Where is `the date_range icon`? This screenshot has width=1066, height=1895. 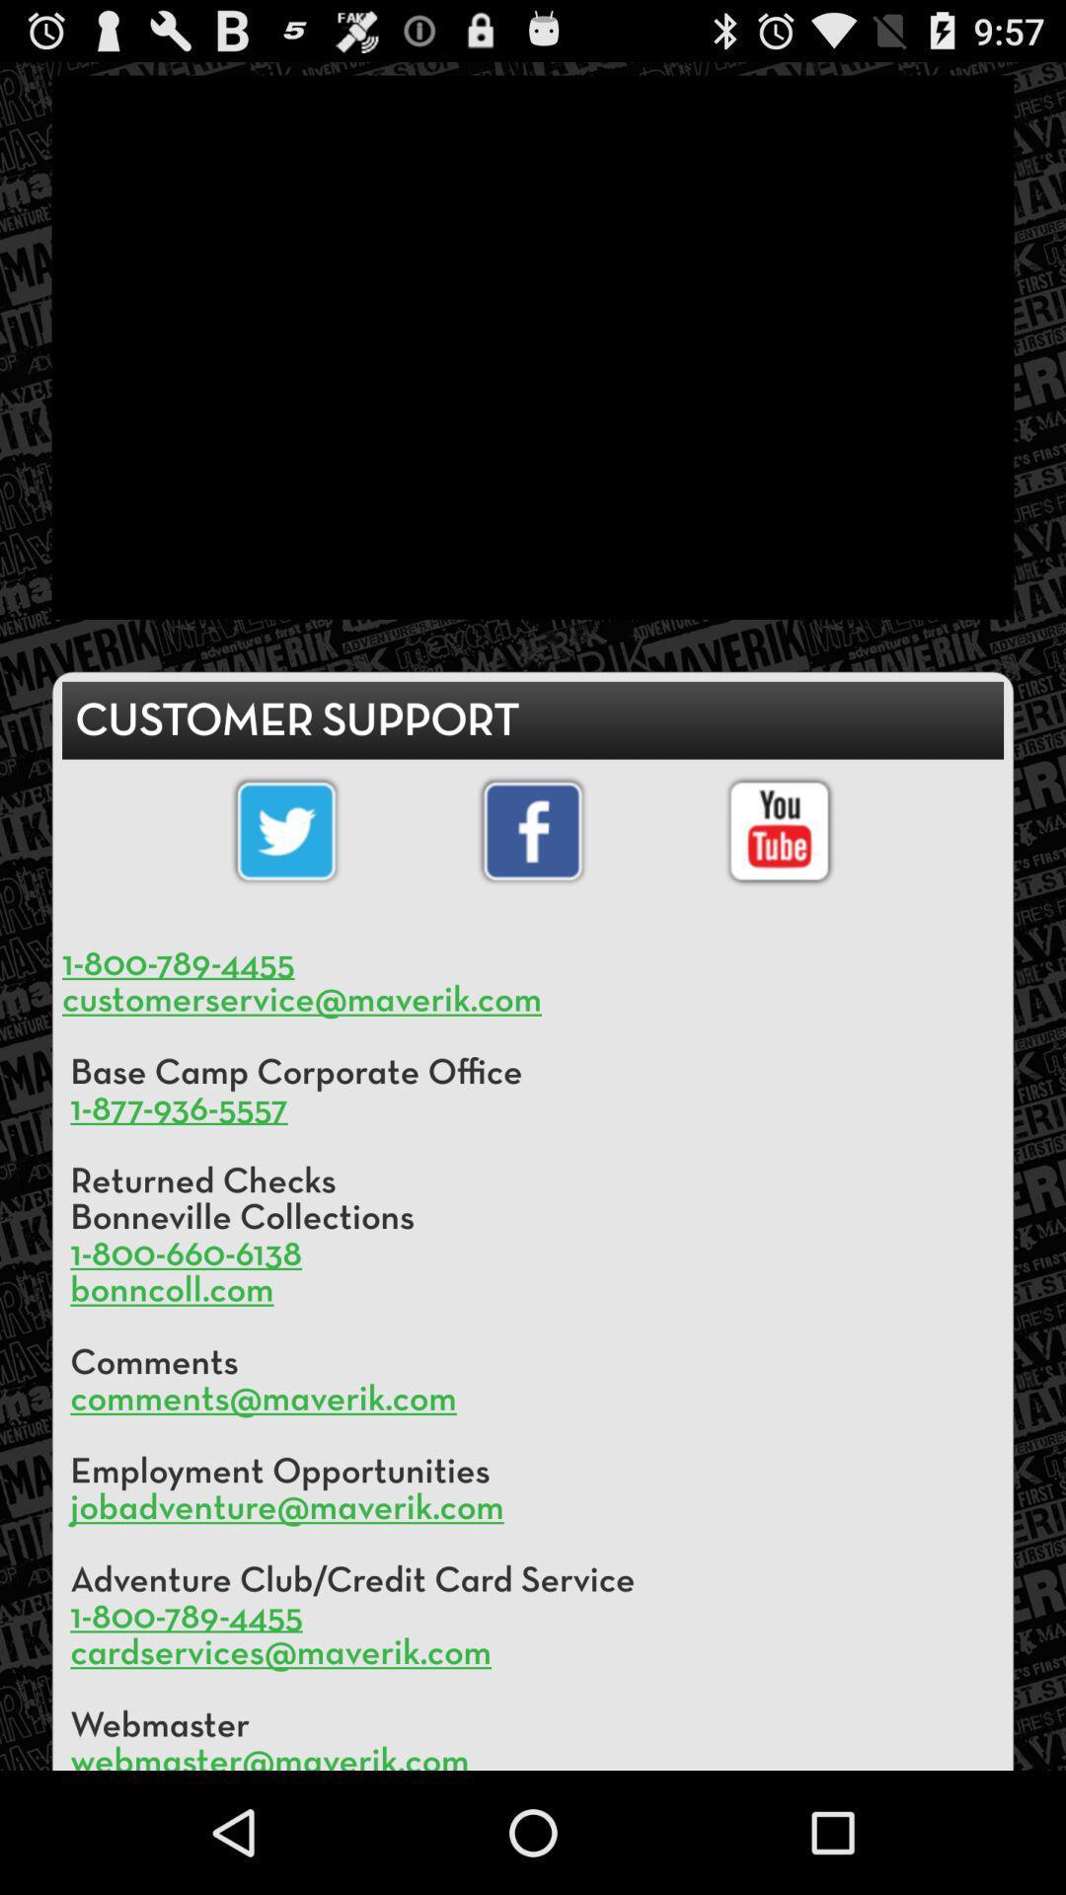
the date_range icon is located at coordinates (778, 888).